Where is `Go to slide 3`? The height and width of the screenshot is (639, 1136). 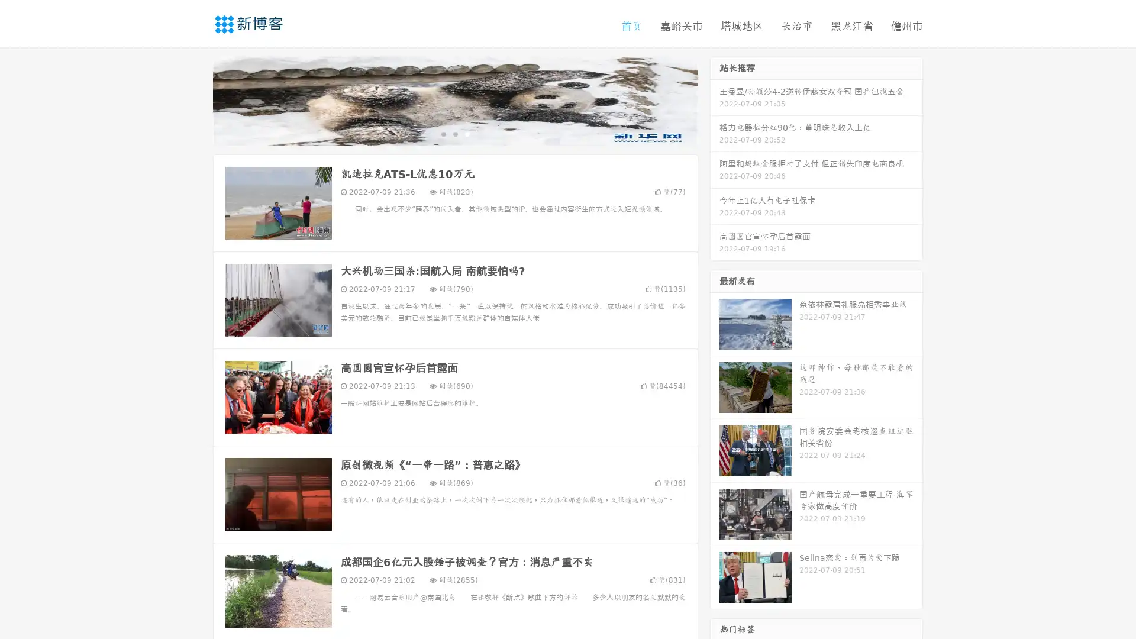
Go to slide 3 is located at coordinates (467, 133).